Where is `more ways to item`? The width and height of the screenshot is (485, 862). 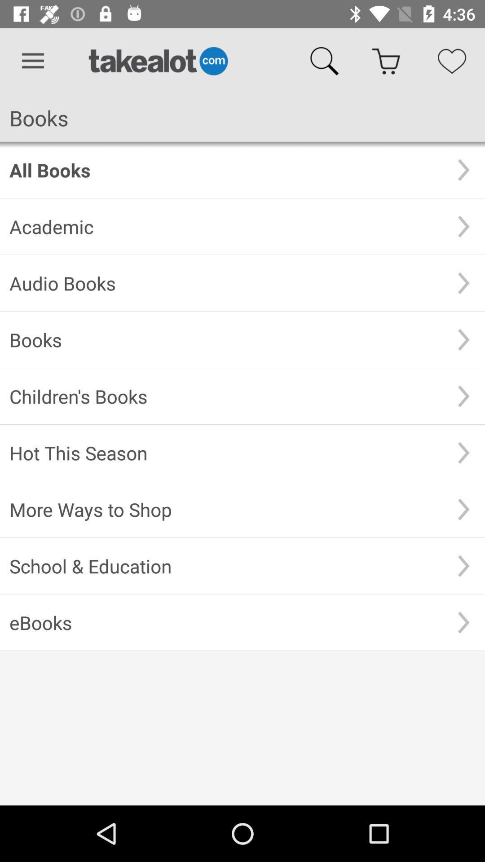 more ways to item is located at coordinates (225, 509).